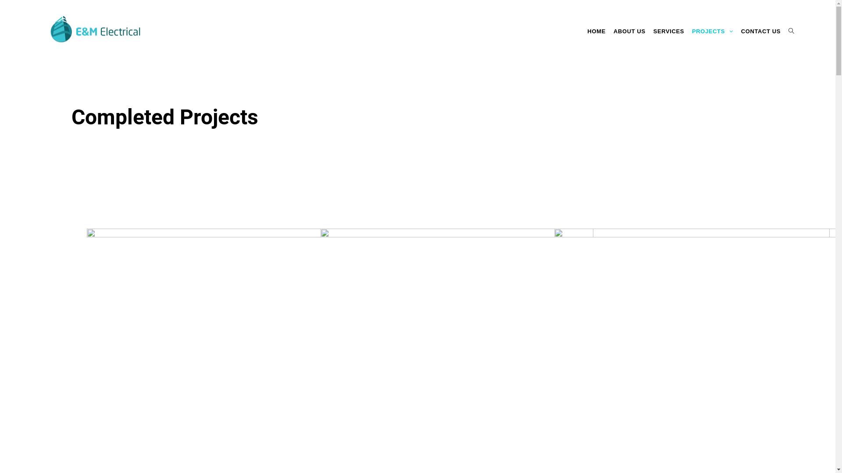  What do you see at coordinates (629, 31) in the screenshot?
I see `'ABOUT US'` at bounding box center [629, 31].